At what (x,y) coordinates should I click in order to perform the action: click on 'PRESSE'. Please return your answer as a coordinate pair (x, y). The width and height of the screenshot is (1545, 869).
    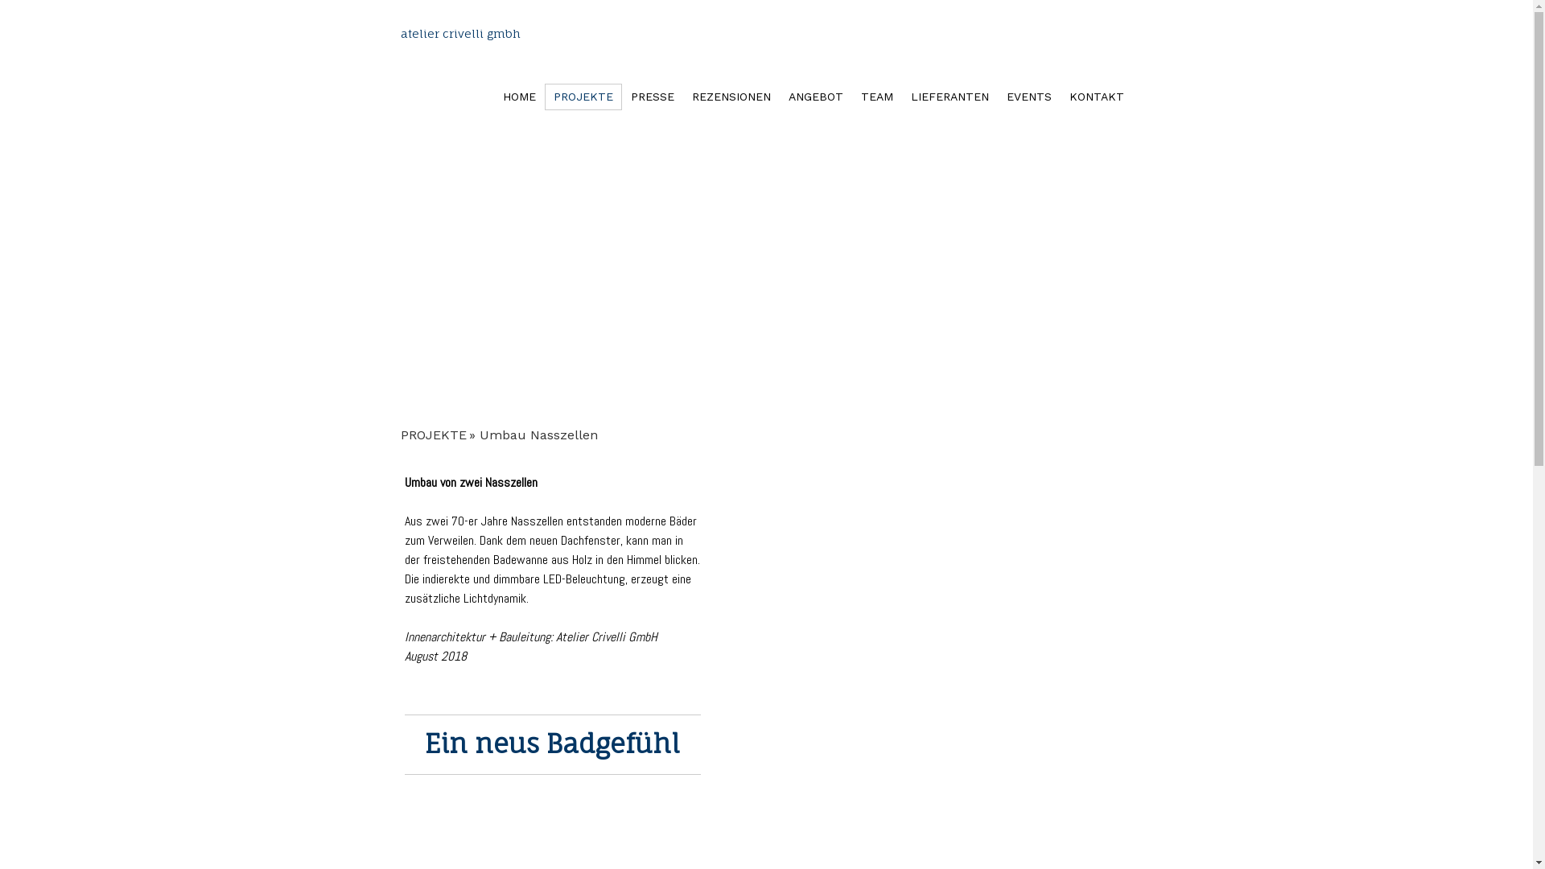
    Looking at the image, I should click on (652, 97).